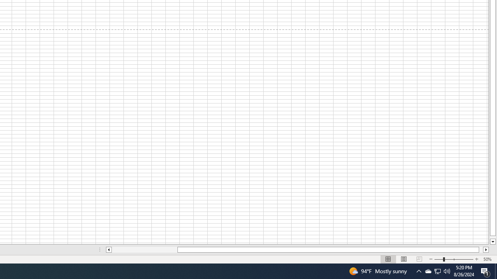  I want to click on 'Page Break Preview', so click(419, 259).